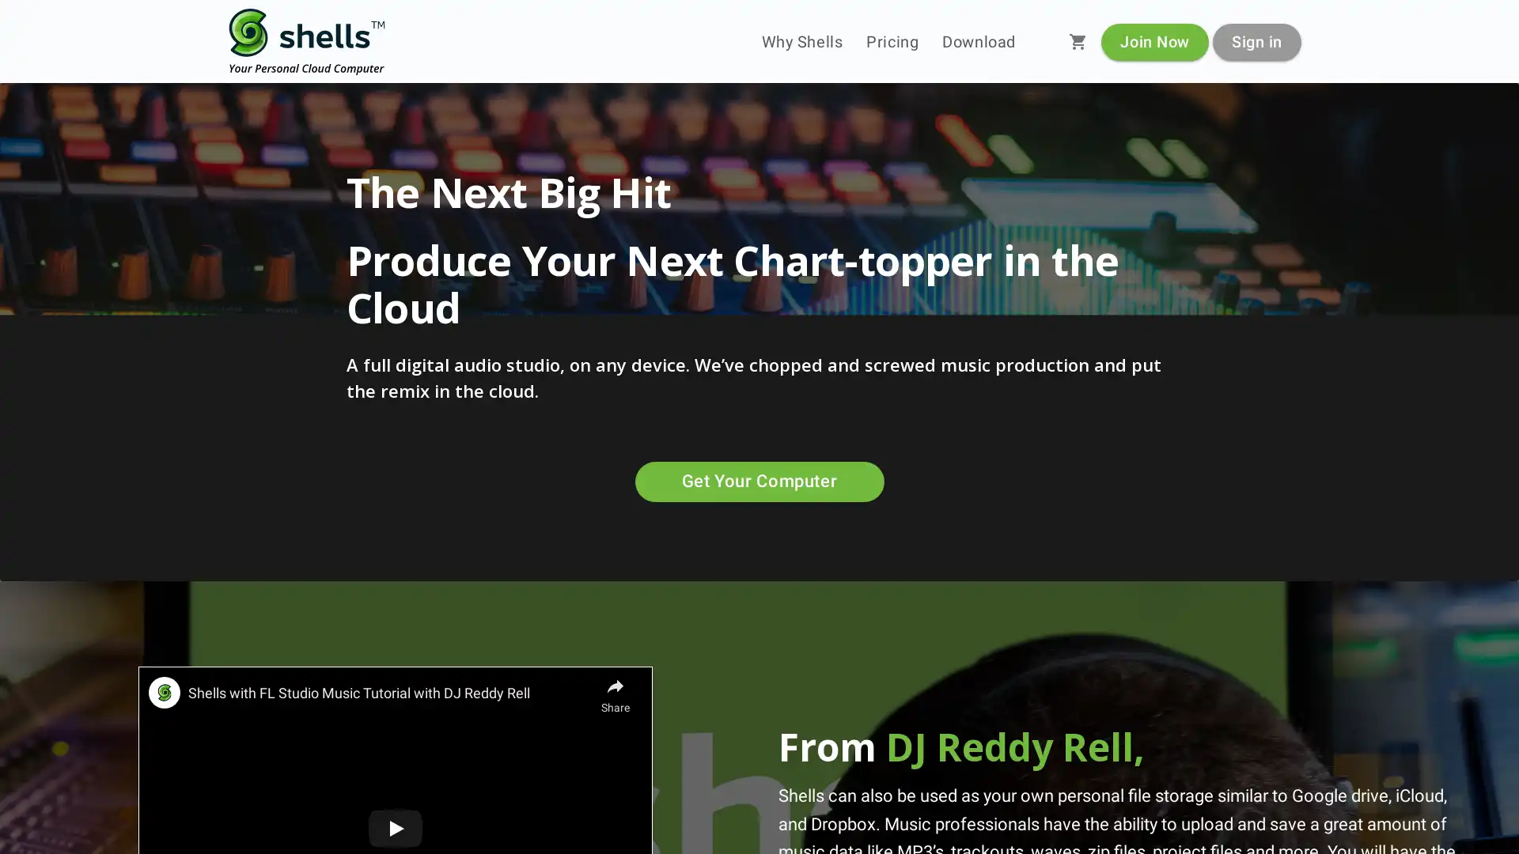 This screenshot has width=1519, height=854. Describe the element at coordinates (307, 41) in the screenshot. I see `Shells Logo` at that location.